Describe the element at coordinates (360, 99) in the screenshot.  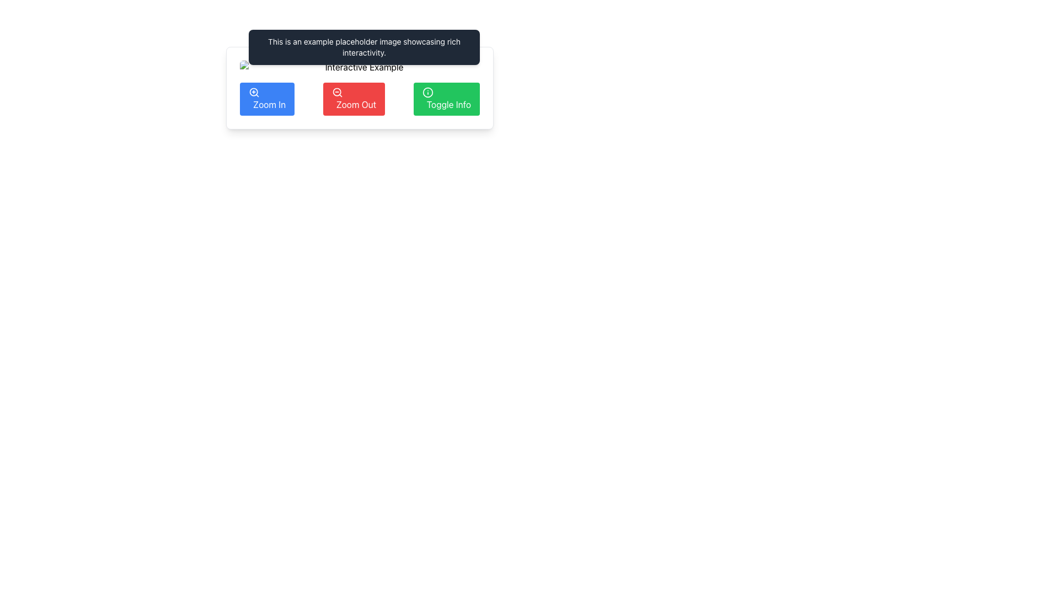
I see `the 'Zoom Out' button` at that location.